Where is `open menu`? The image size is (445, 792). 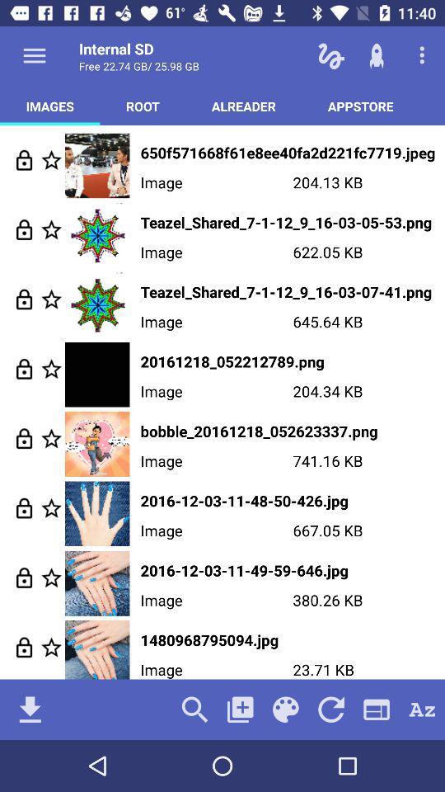 open menu is located at coordinates (35, 55).